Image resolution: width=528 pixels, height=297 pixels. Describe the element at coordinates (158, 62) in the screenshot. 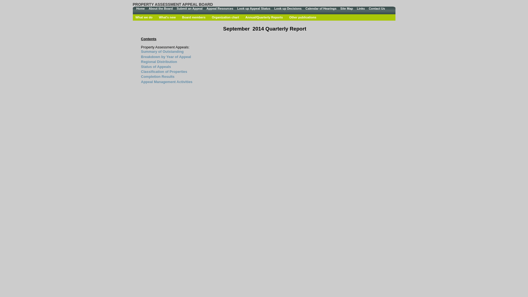

I see `'Regional Distribution'` at that location.